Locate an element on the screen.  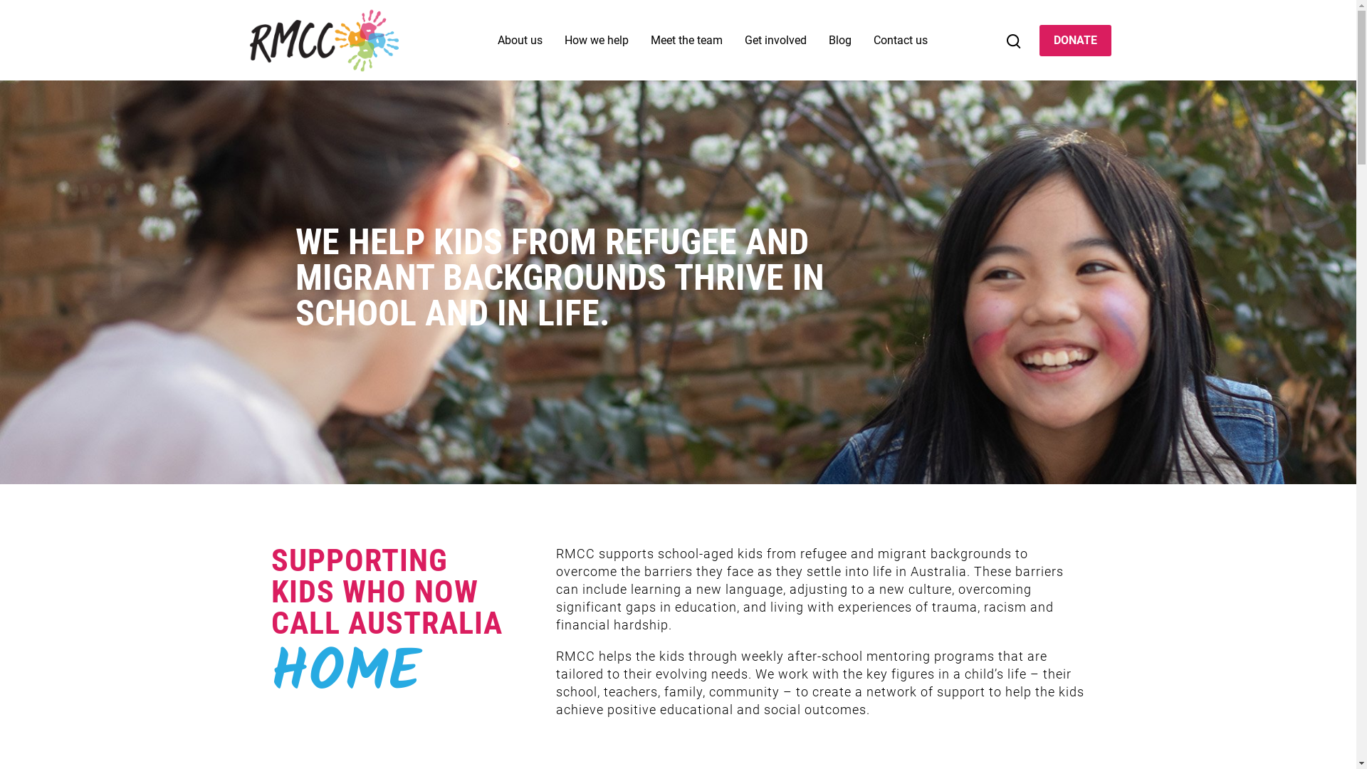
'About us' is located at coordinates (518, 46).